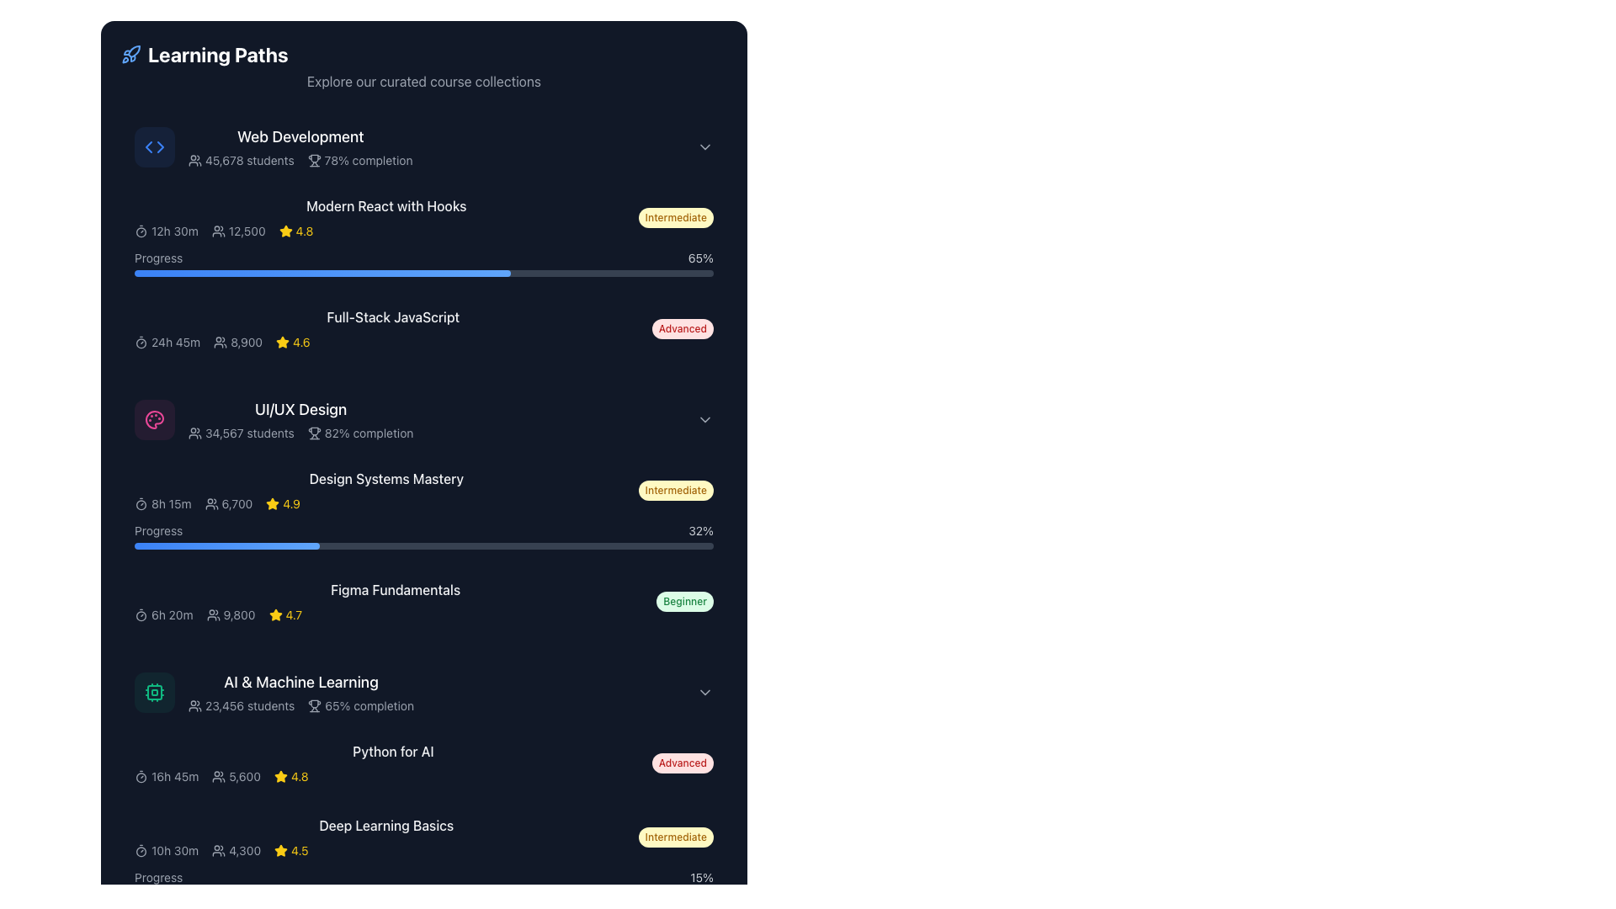 The width and height of the screenshot is (1616, 909). Describe the element at coordinates (274, 272) in the screenshot. I see `the progress bar` at that location.